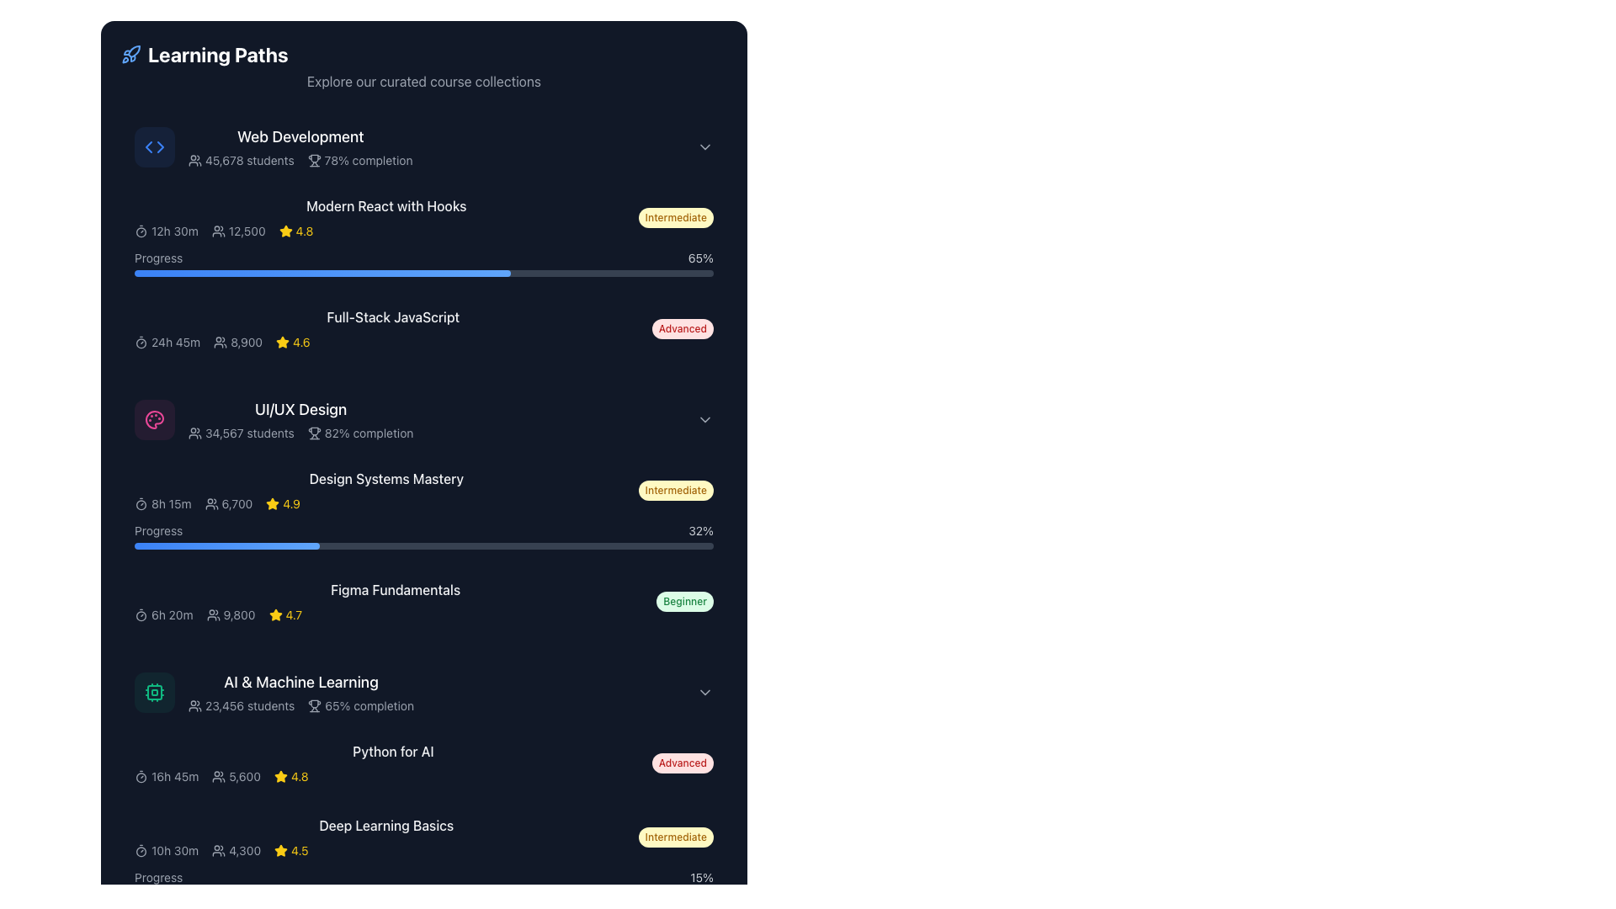 The width and height of the screenshot is (1616, 909). Describe the element at coordinates (274, 272) in the screenshot. I see `the progress bar` at that location.